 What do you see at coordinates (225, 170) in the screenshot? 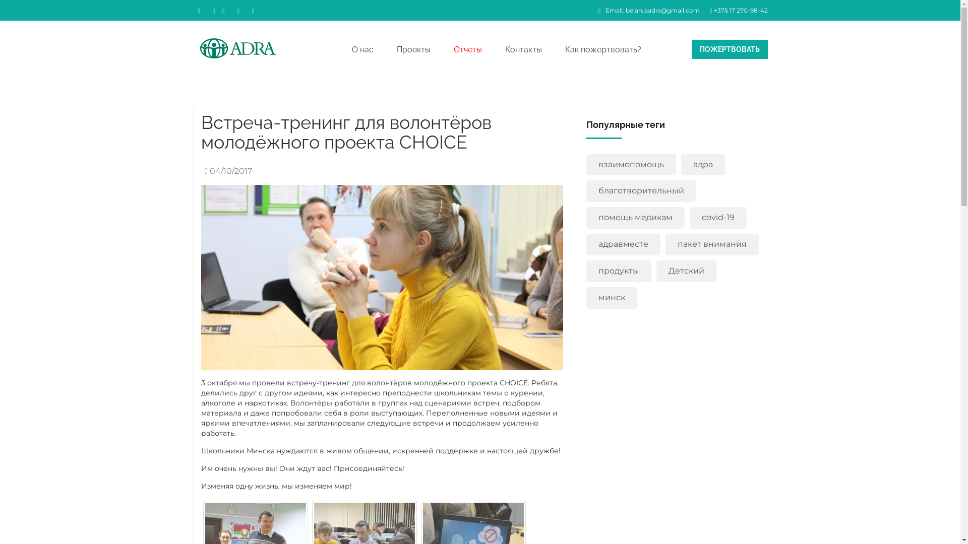
I see `'04/10/2017'` at bounding box center [225, 170].